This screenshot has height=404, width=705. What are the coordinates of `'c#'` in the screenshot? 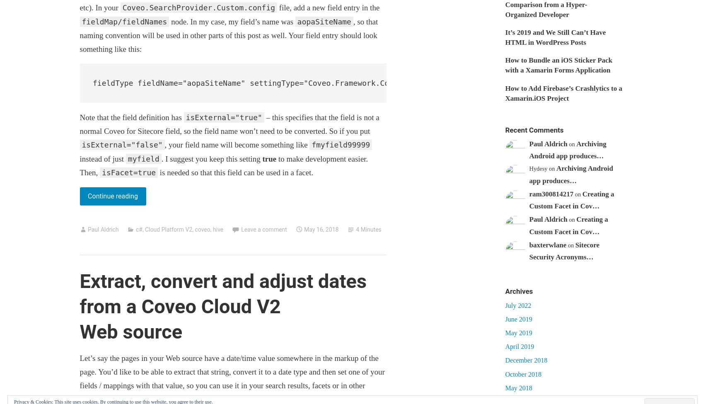 It's located at (138, 229).